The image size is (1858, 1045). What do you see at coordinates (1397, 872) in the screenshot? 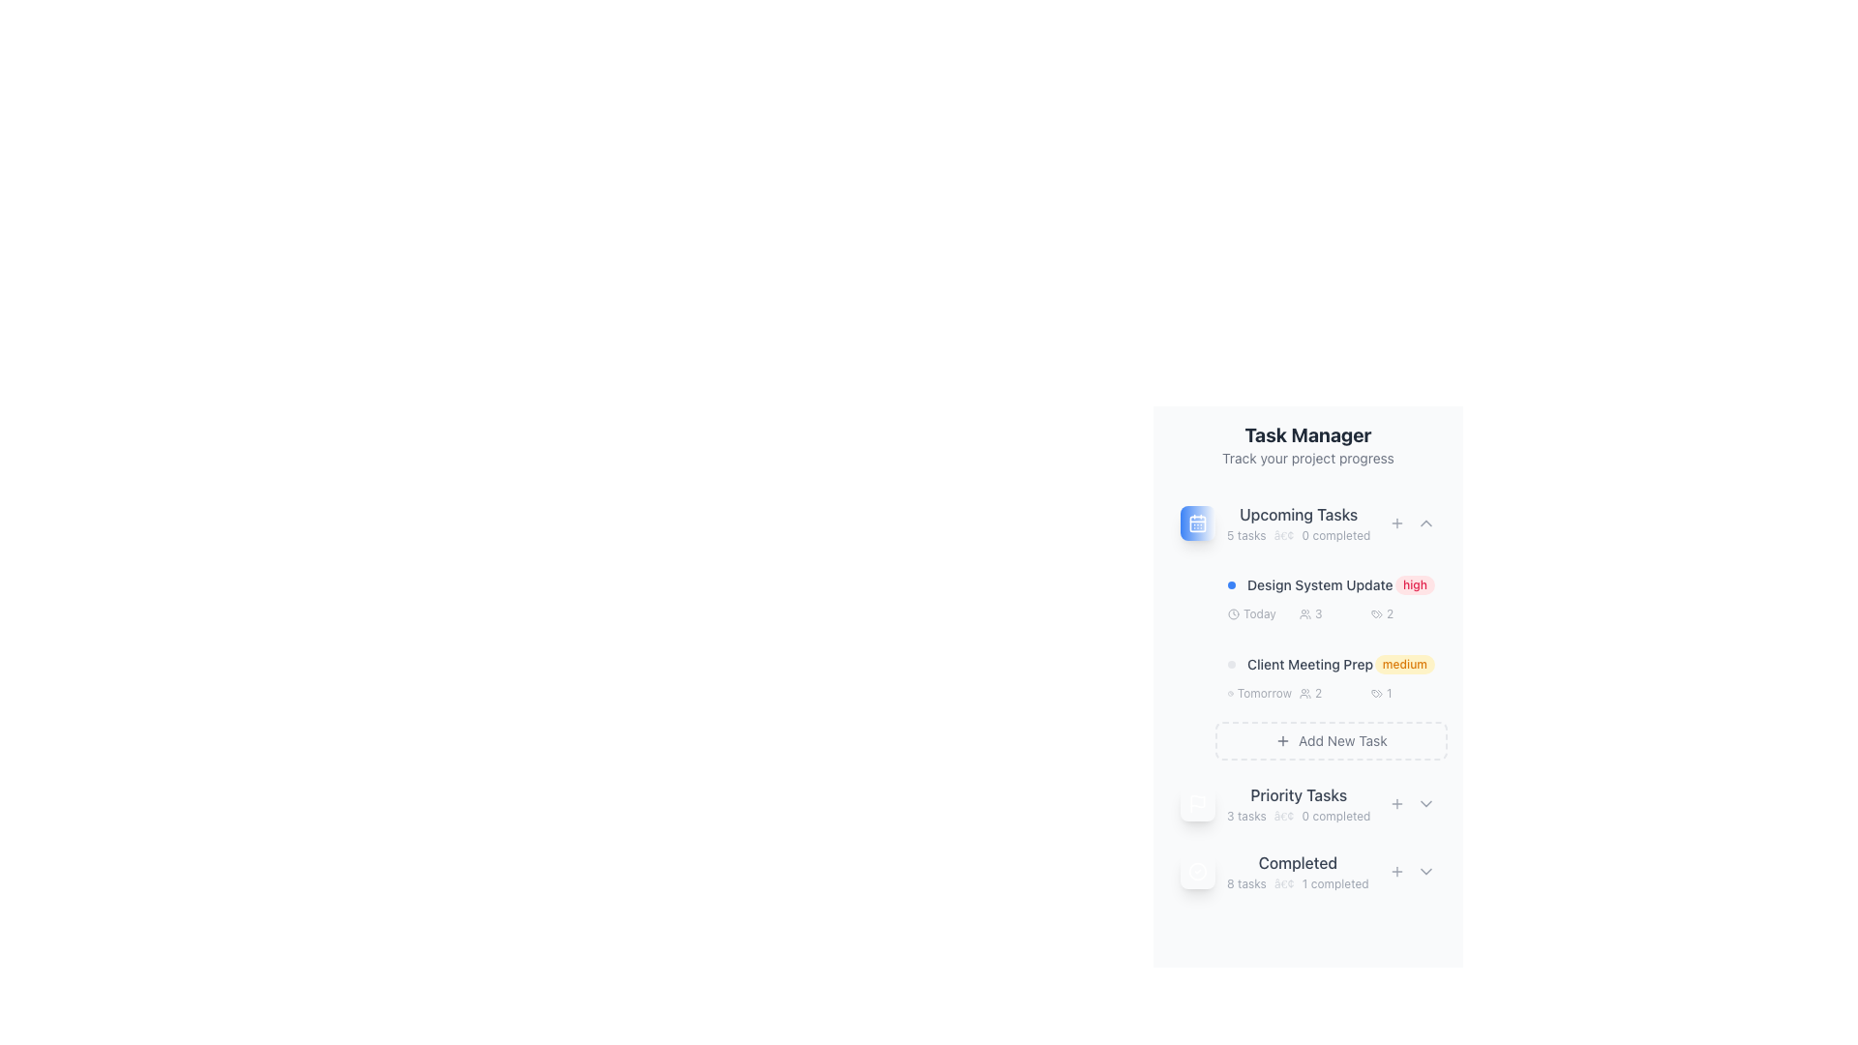
I see `the Plus Sign Icon located in the 'Completed' task section at the bottom of the task manager panel` at bounding box center [1397, 872].